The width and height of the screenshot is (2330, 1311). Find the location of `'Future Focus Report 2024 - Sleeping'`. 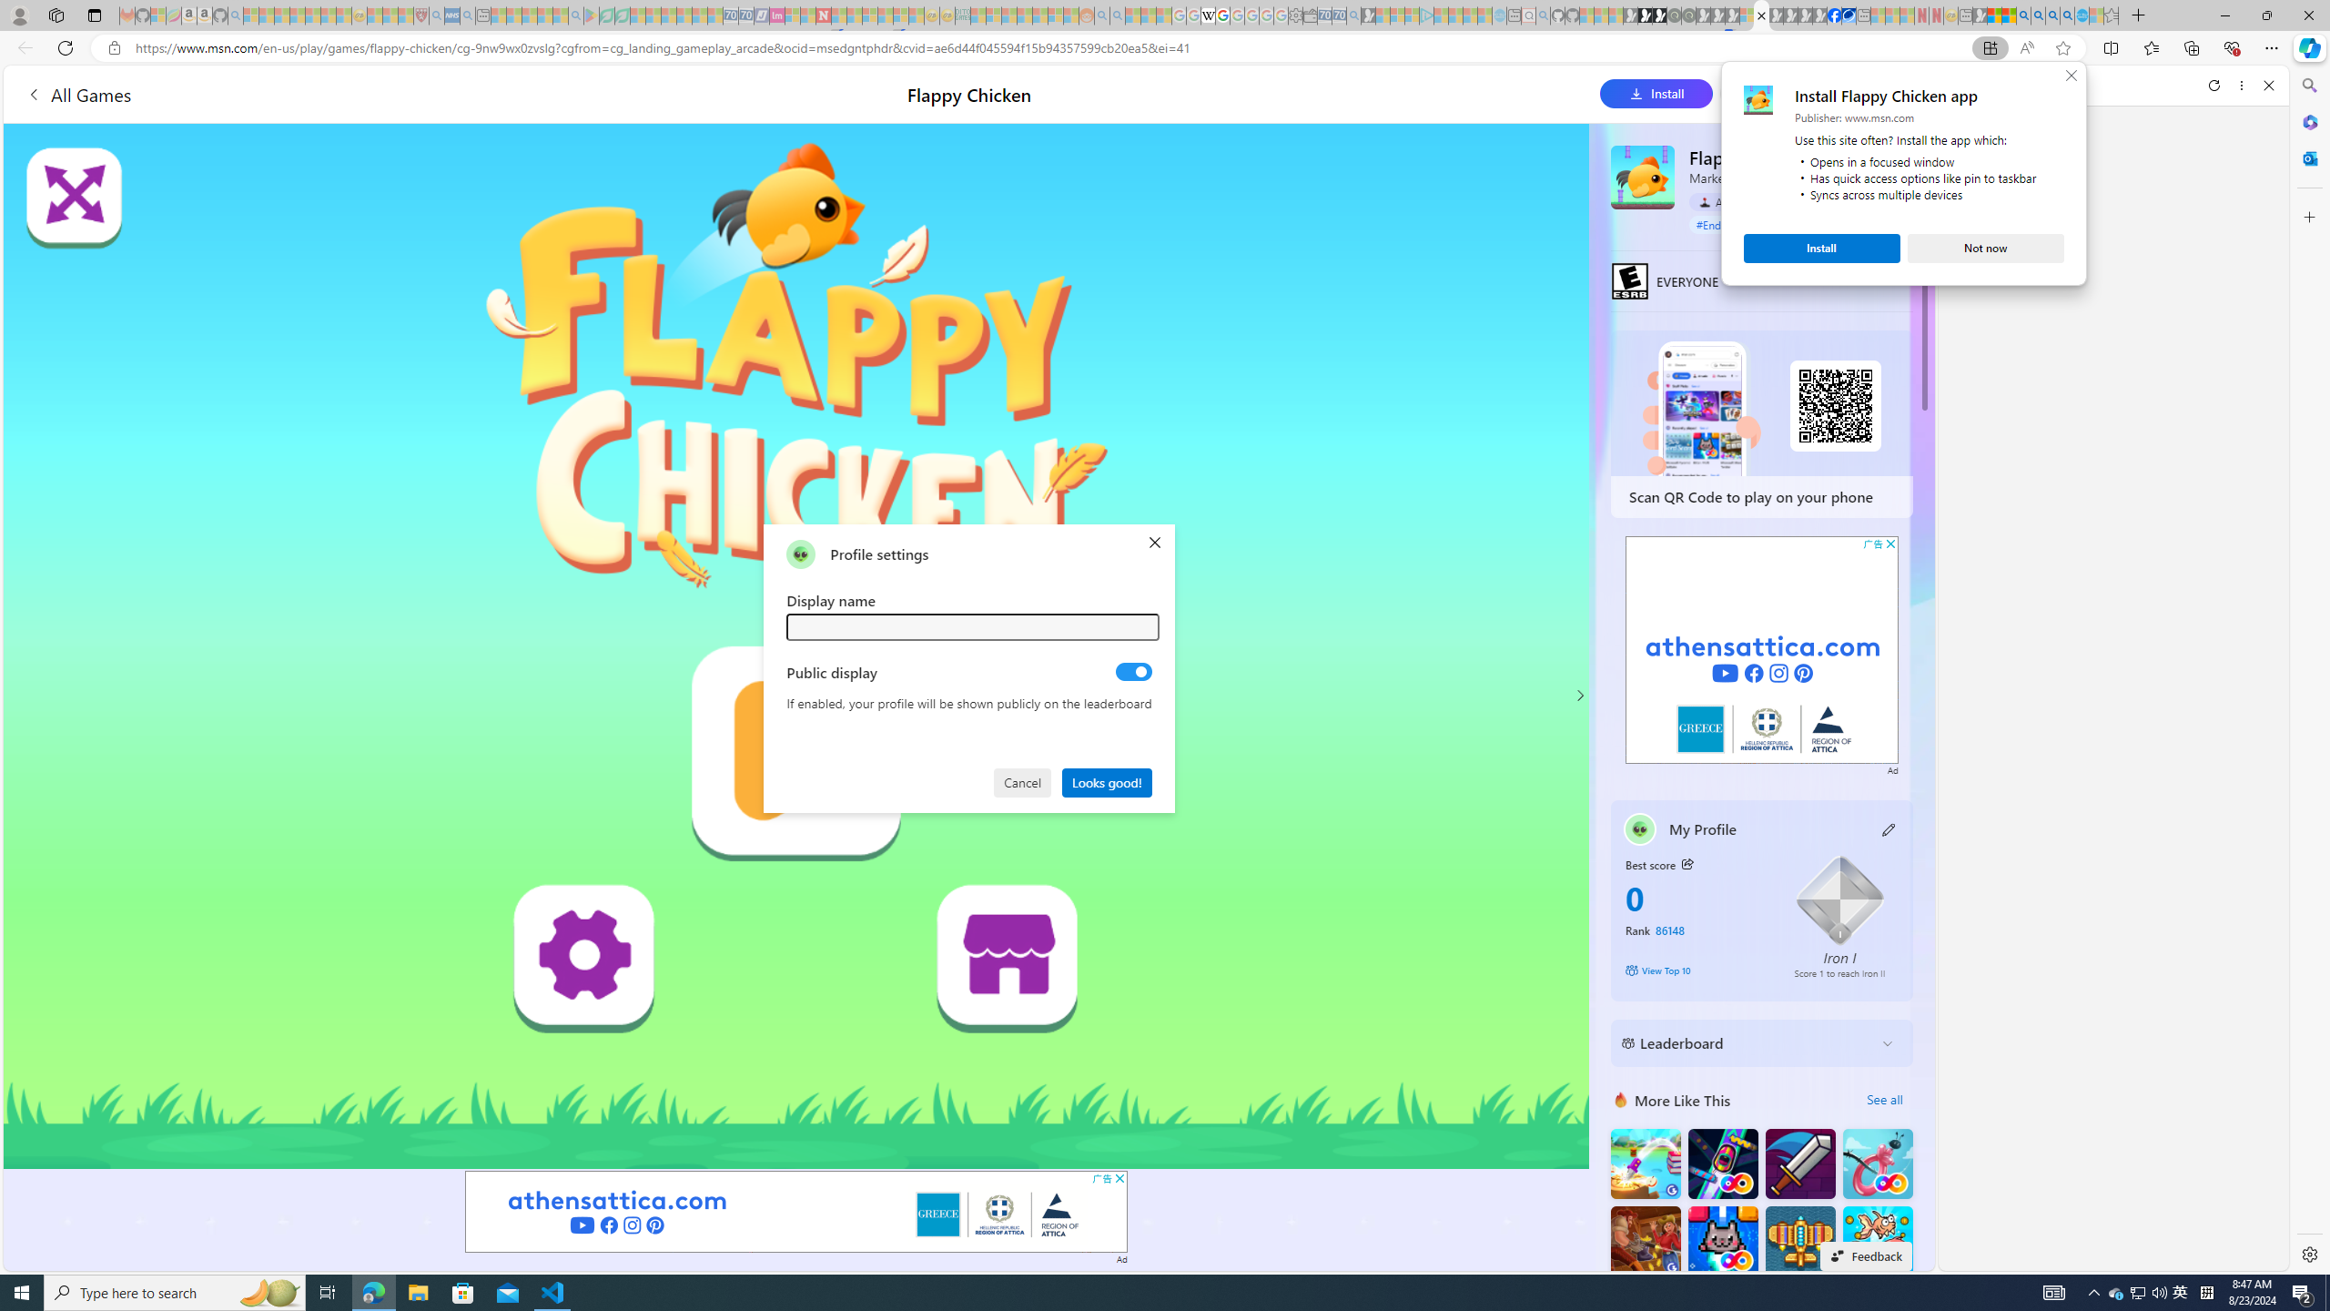

'Future Focus Report 2024 - Sleeping' is located at coordinates (1687, 15).